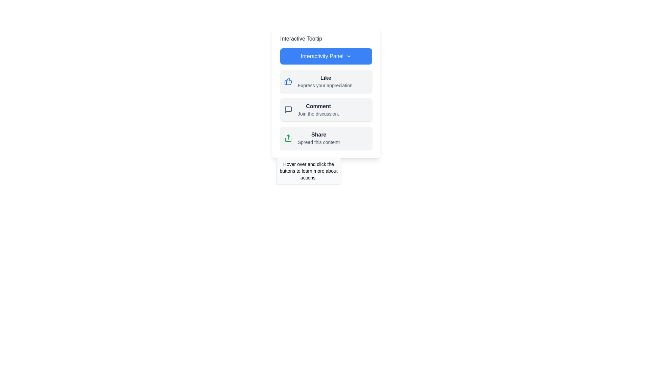  Describe the element at coordinates (318, 109) in the screenshot. I see `the 'Comment' text label, which is the second option in the tooltip interface, displaying 'Comment' in bold dark-gray and 'Join the discussion.' in lighter gray` at that location.